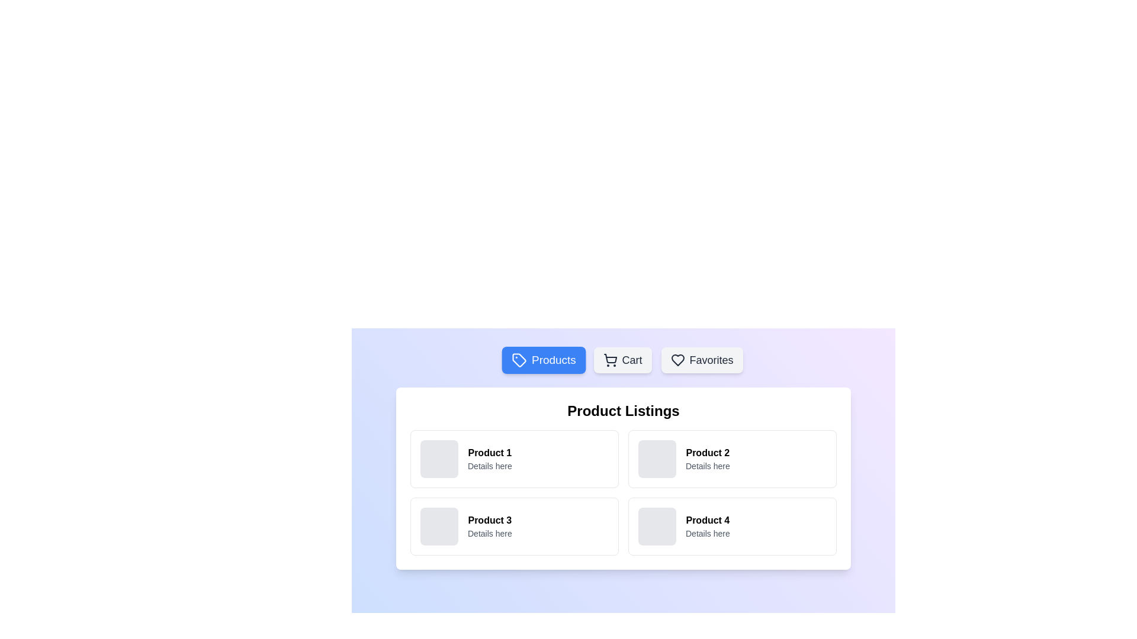 The width and height of the screenshot is (1137, 639). I want to click on the static text label displaying the title 'Product 1', which is styled in bold and located in the upper-left corner of a grid layout below the 'Product Listings' header, so click(490, 453).